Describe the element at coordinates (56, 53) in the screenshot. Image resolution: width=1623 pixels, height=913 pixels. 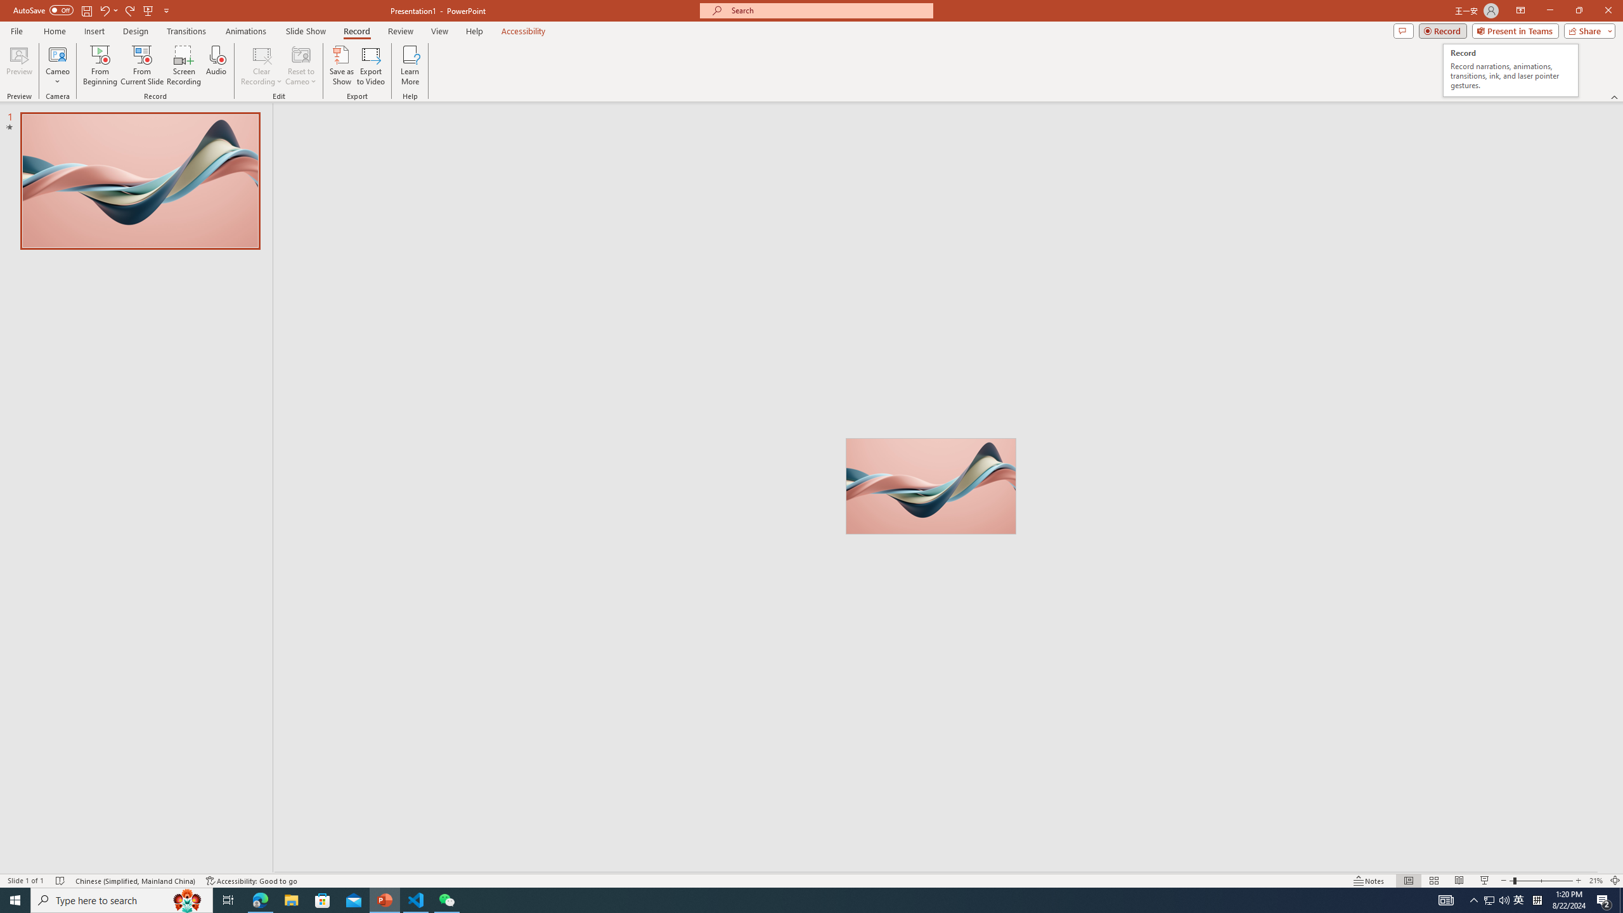
I see `'Cameo'` at that location.